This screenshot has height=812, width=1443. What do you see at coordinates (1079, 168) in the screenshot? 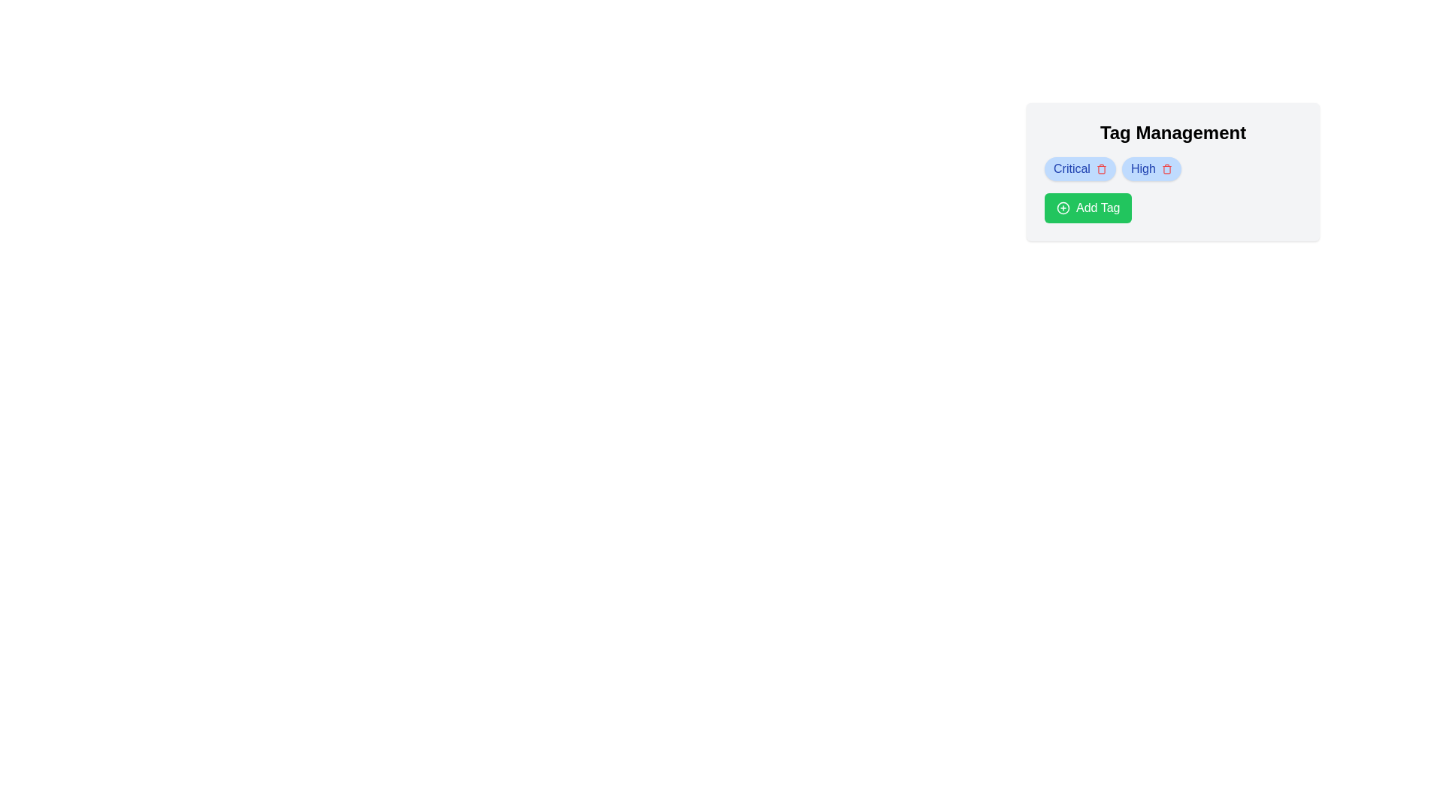
I see `the 'Critical' tag, which is the first tag in the horizontally aligned group of tags in the tag management section, to interact with it` at bounding box center [1079, 168].